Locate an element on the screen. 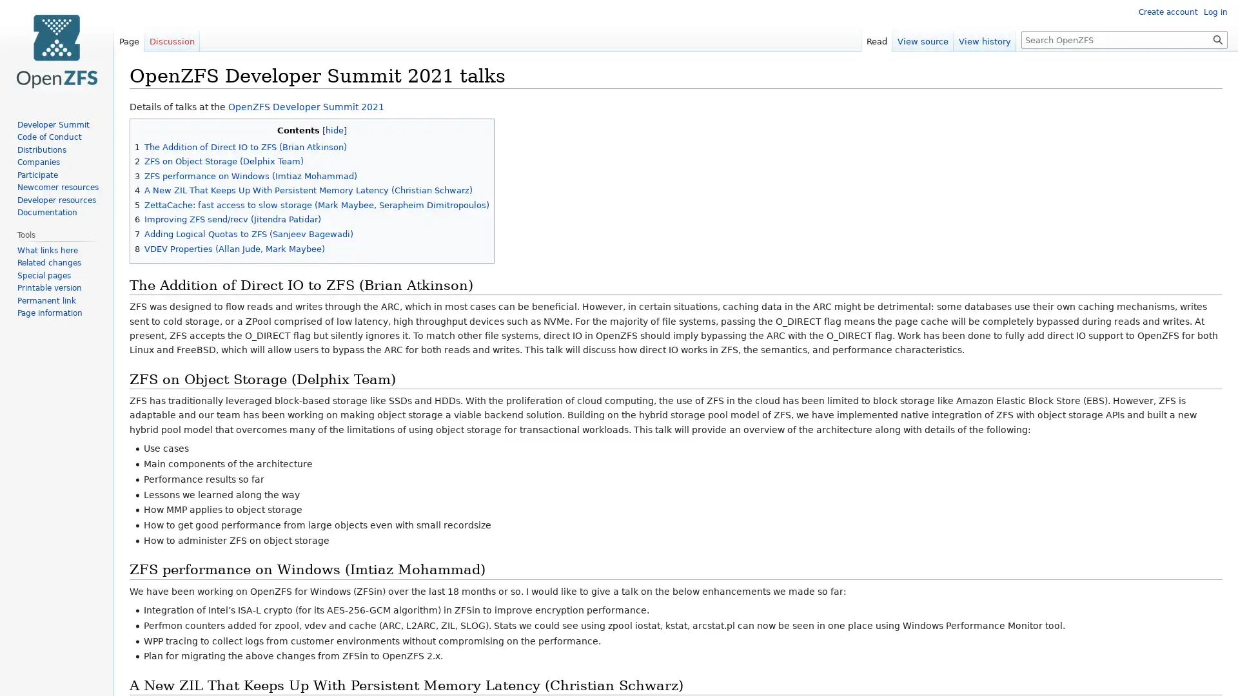 The image size is (1238, 696). Go is located at coordinates (1217, 39).